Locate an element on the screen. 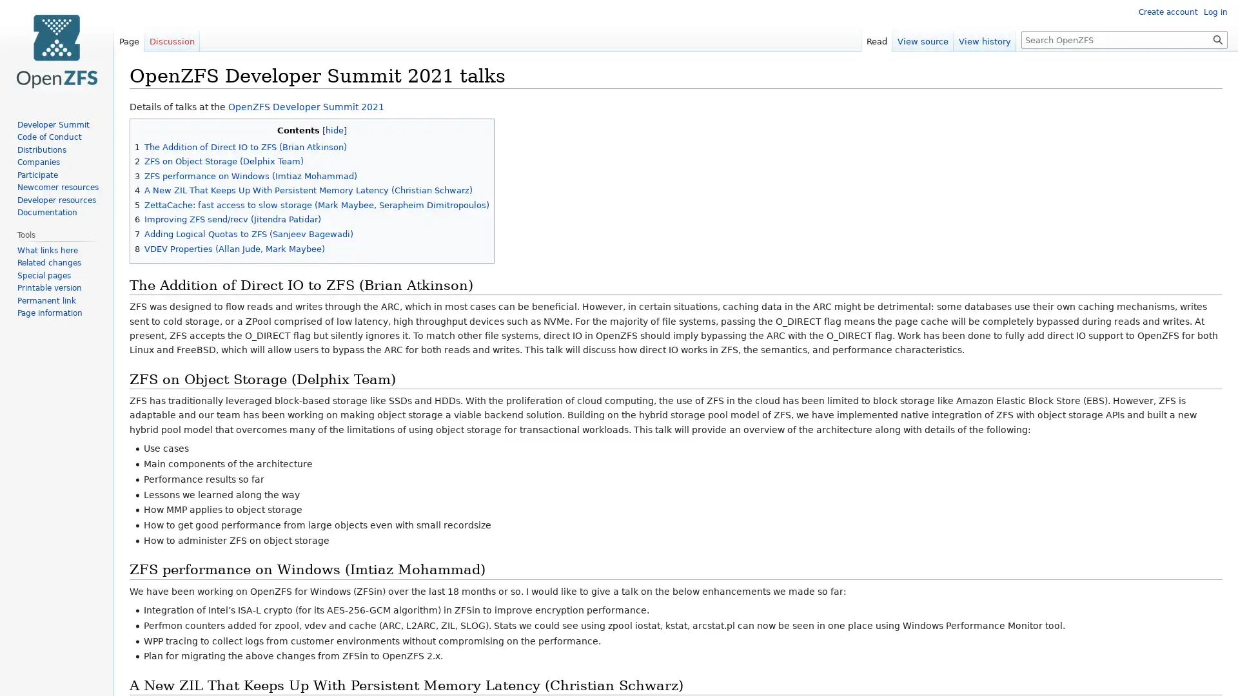 The image size is (1238, 696). Go is located at coordinates (1217, 39).